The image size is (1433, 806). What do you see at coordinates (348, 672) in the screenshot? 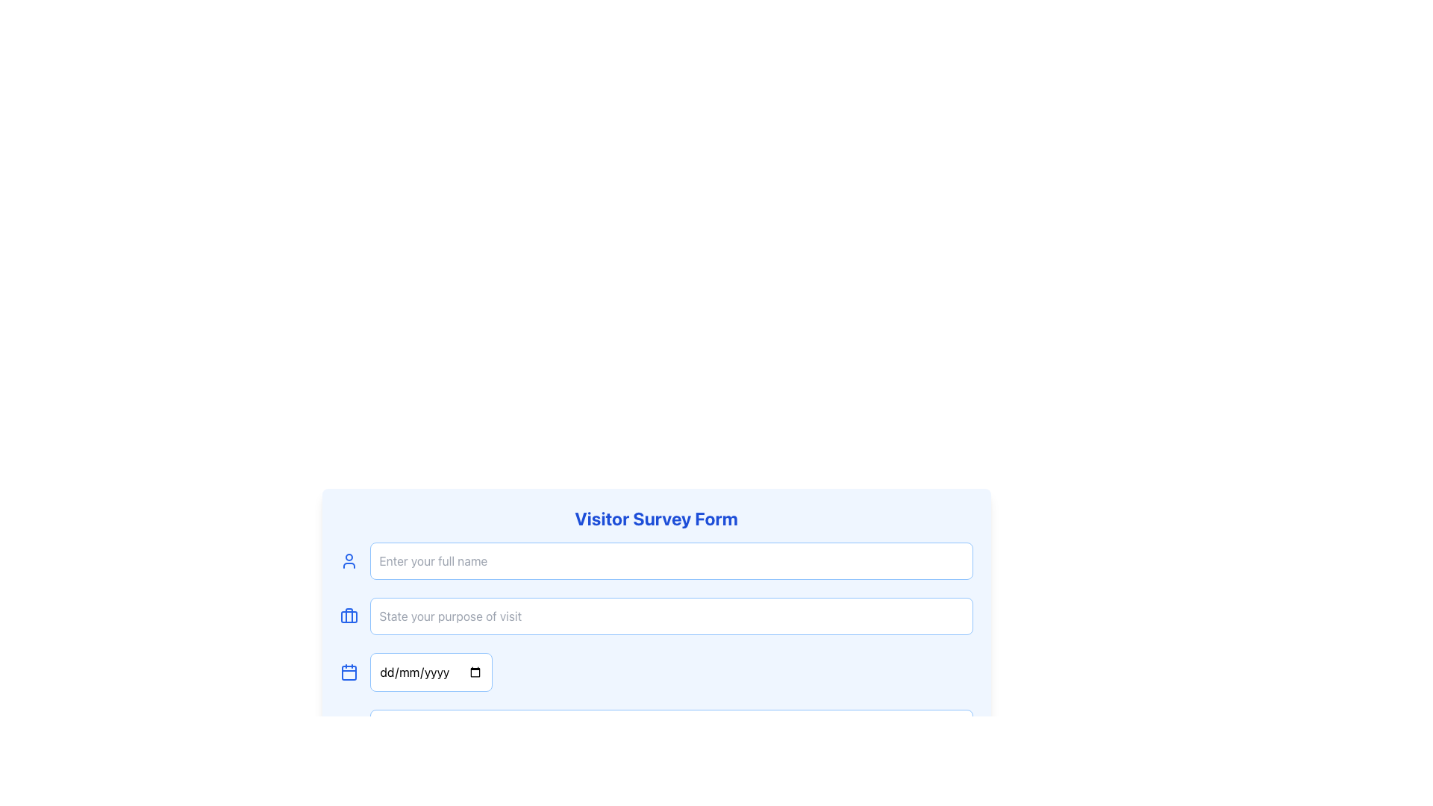
I see `the blue calendar icon, which is positioned to the left of the date input field in the Visitor Survey Form` at bounding box center [348, 672].